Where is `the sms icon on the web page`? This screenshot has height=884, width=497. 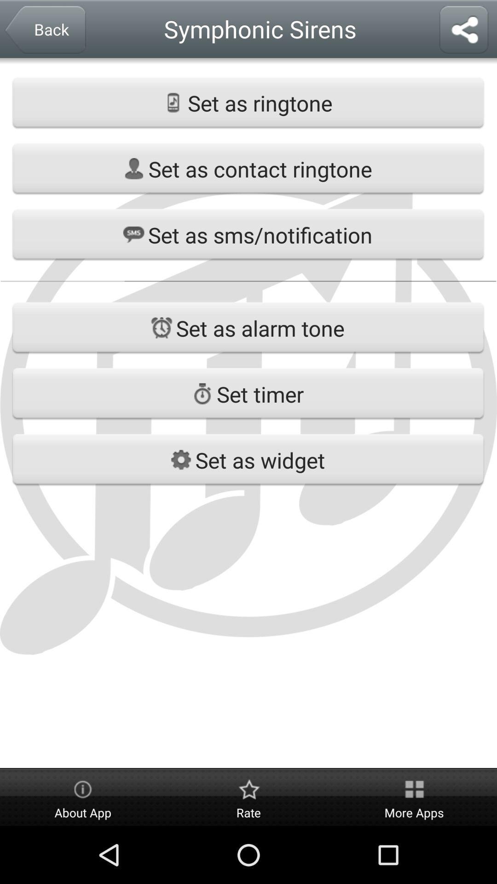 the sms icon on the web page is located at coordinates (133, 234).